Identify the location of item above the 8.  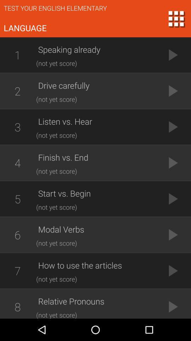
(17, 270).